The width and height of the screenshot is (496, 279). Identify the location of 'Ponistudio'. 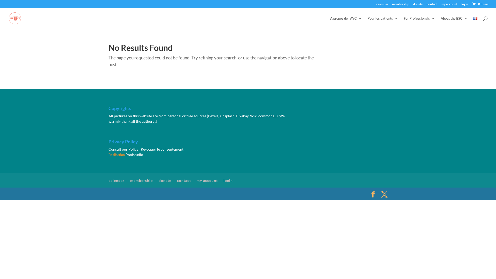
(134, 154).